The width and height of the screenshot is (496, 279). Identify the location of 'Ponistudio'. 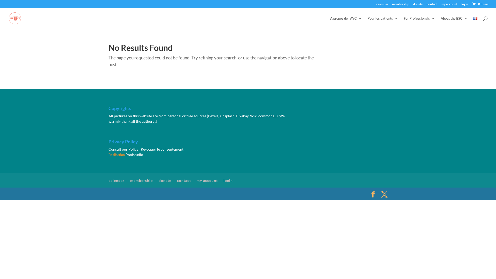
(134, 154).